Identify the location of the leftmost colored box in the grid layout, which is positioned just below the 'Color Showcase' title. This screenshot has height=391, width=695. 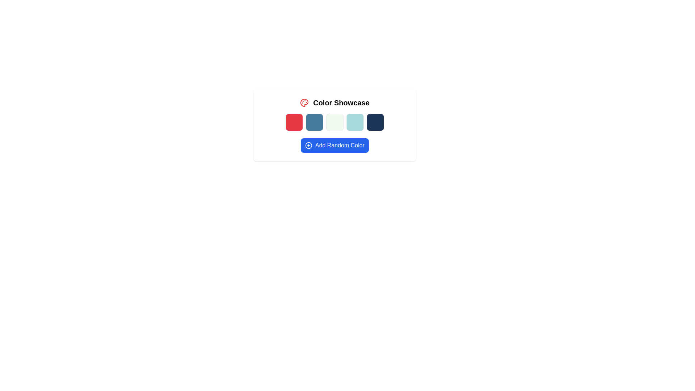
(294, 122).